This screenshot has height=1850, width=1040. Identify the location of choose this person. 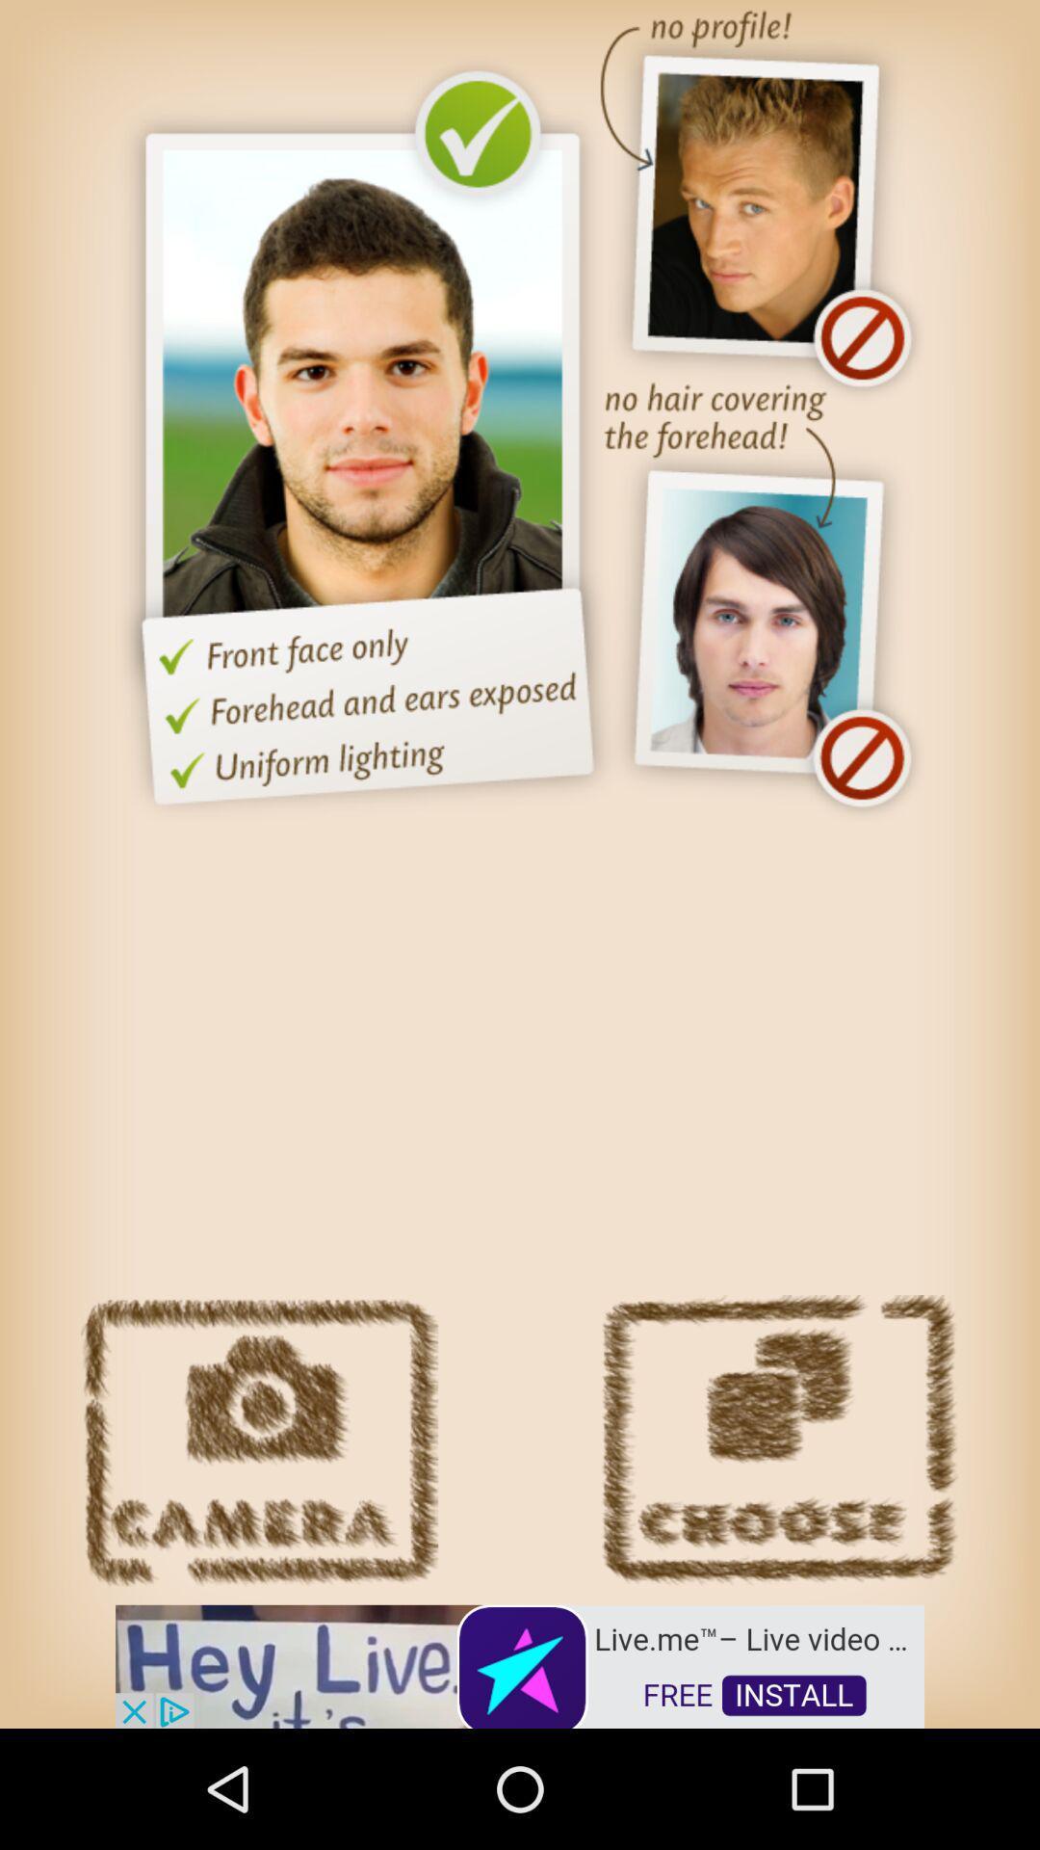
(778, 1440).